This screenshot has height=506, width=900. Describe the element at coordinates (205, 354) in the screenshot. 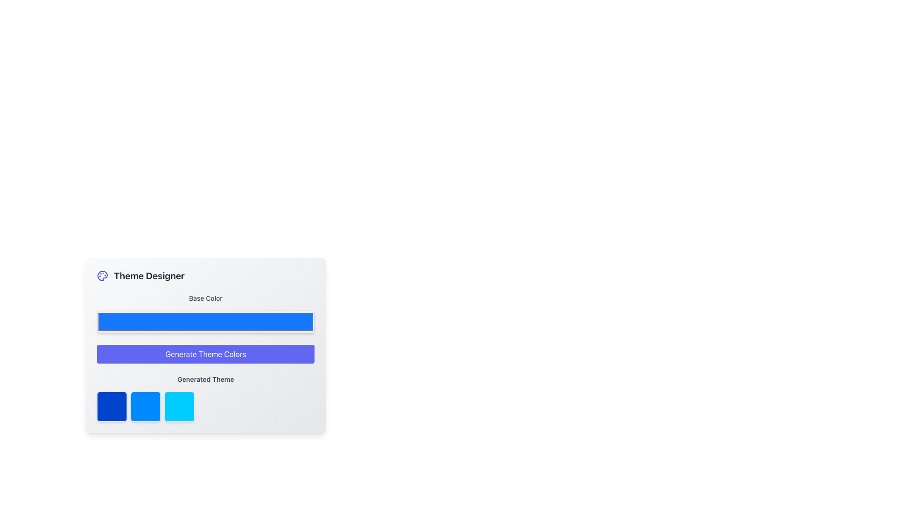

I see `the button located within the 'Theme Designer' card, positioned below the 'Base Color' color picker, to generate theme colors` at that location.